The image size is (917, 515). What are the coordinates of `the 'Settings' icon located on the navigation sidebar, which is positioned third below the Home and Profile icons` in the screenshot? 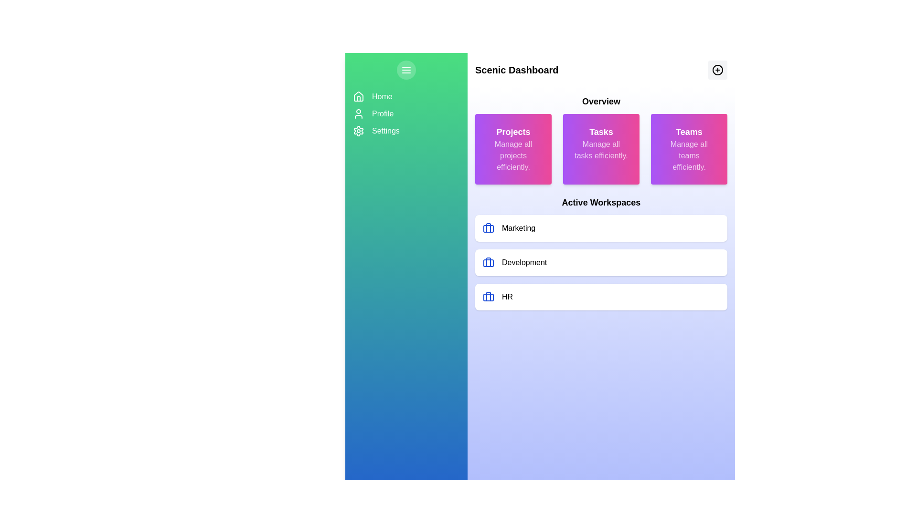 It's located at (358, 131).